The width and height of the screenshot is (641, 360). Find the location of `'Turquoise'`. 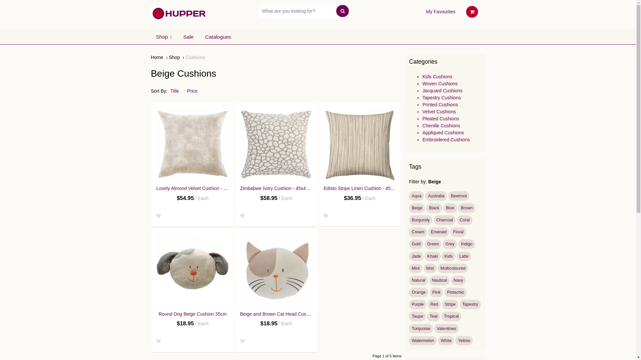

'Turquoise' is located at coordinates (420, 328).